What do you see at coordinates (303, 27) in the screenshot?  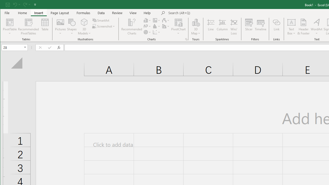 I see `'Header & Footer...'` at bounding box center [303, 27].